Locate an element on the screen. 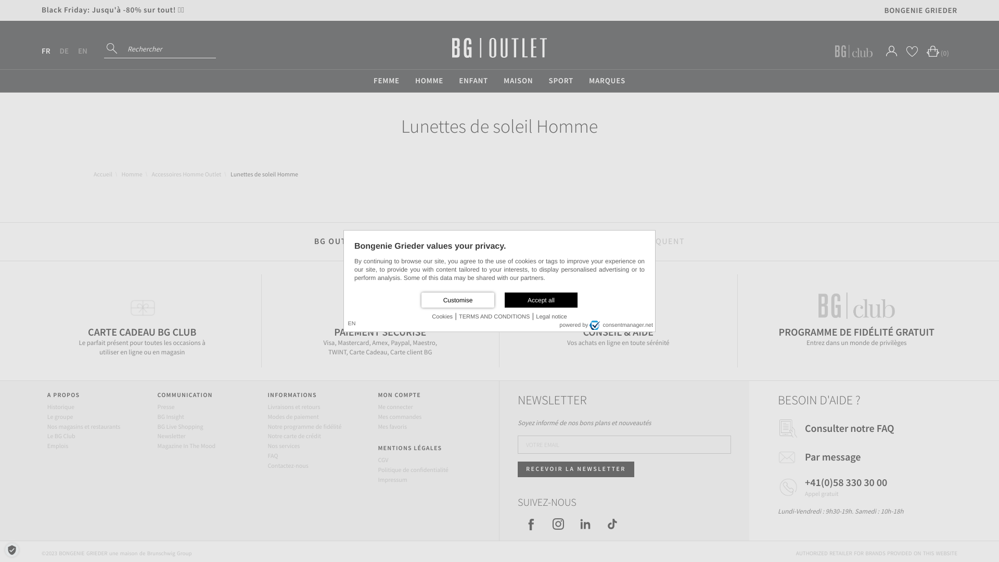  'MARQUES' is located at coordinates (607, 80).